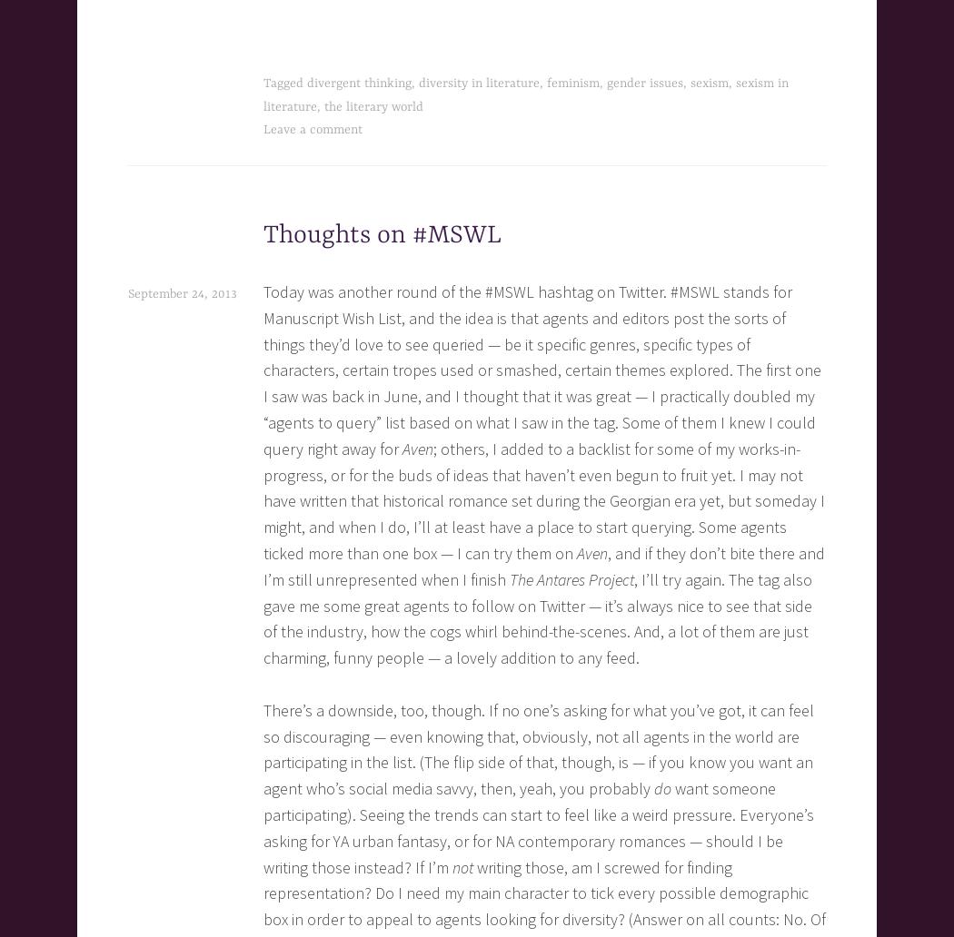 The height and width of the screenshot is (937, 954). What do you see at coordinates (323, 106) in the screenshot?
I see `'the literary world'` at bounding box center [323, 106].